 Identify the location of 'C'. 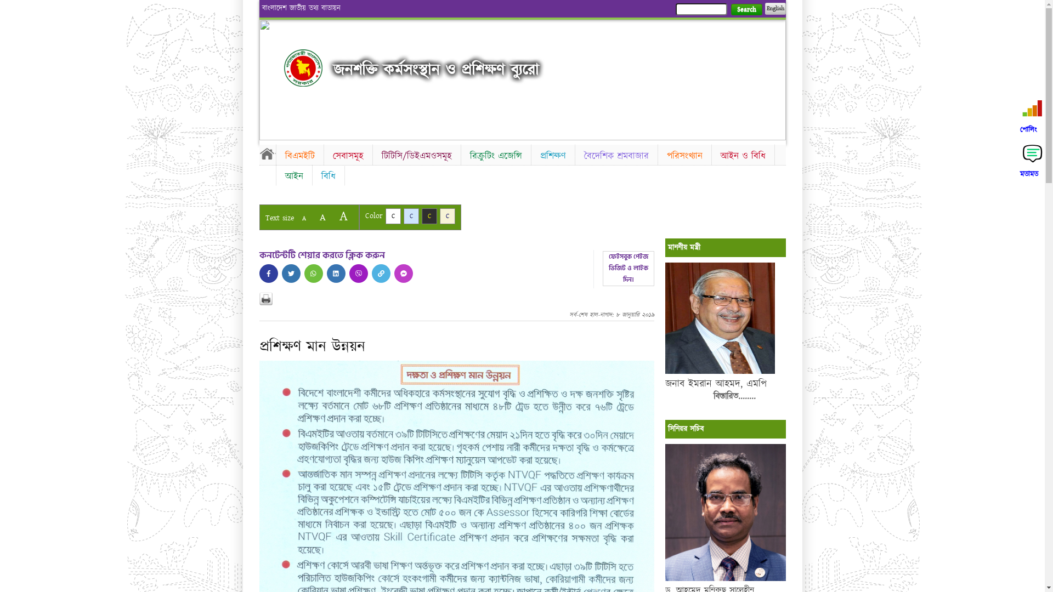
(439, 216).